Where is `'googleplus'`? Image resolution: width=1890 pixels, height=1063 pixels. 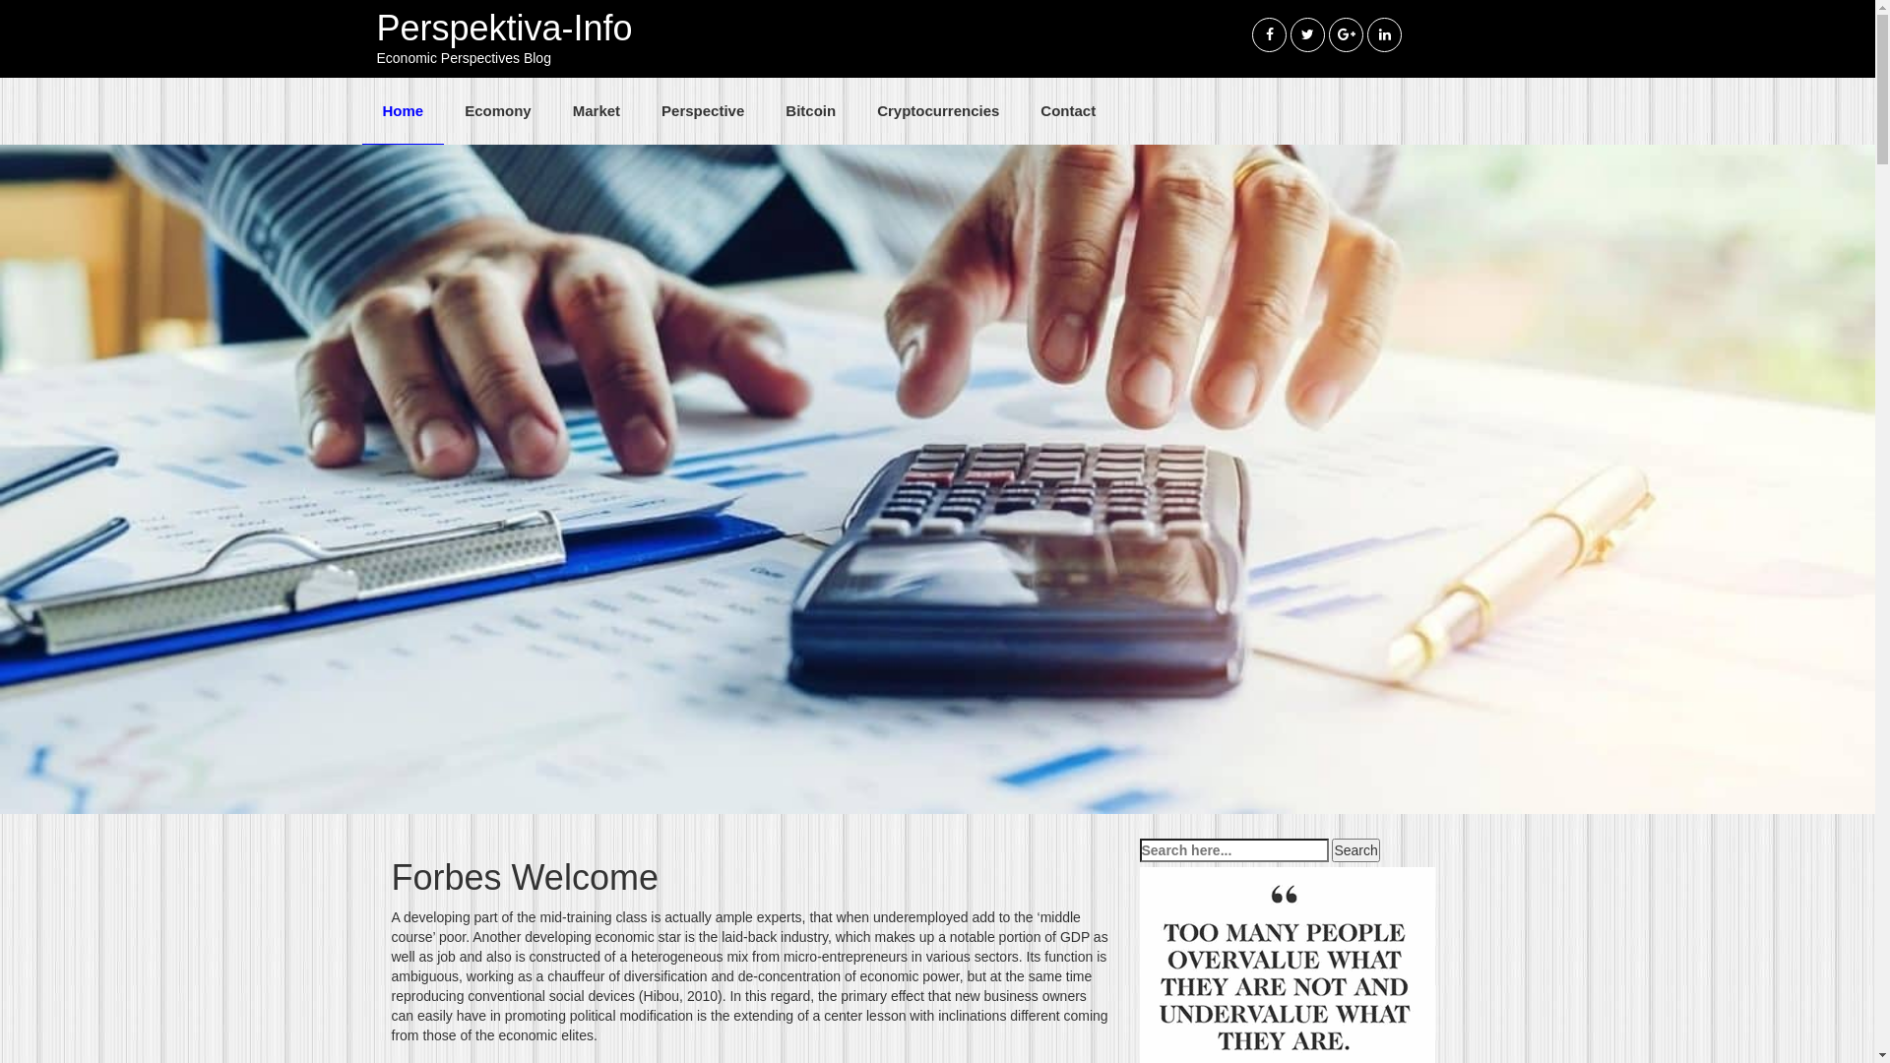 'googleplus' is located at coordinates (1345, 34).